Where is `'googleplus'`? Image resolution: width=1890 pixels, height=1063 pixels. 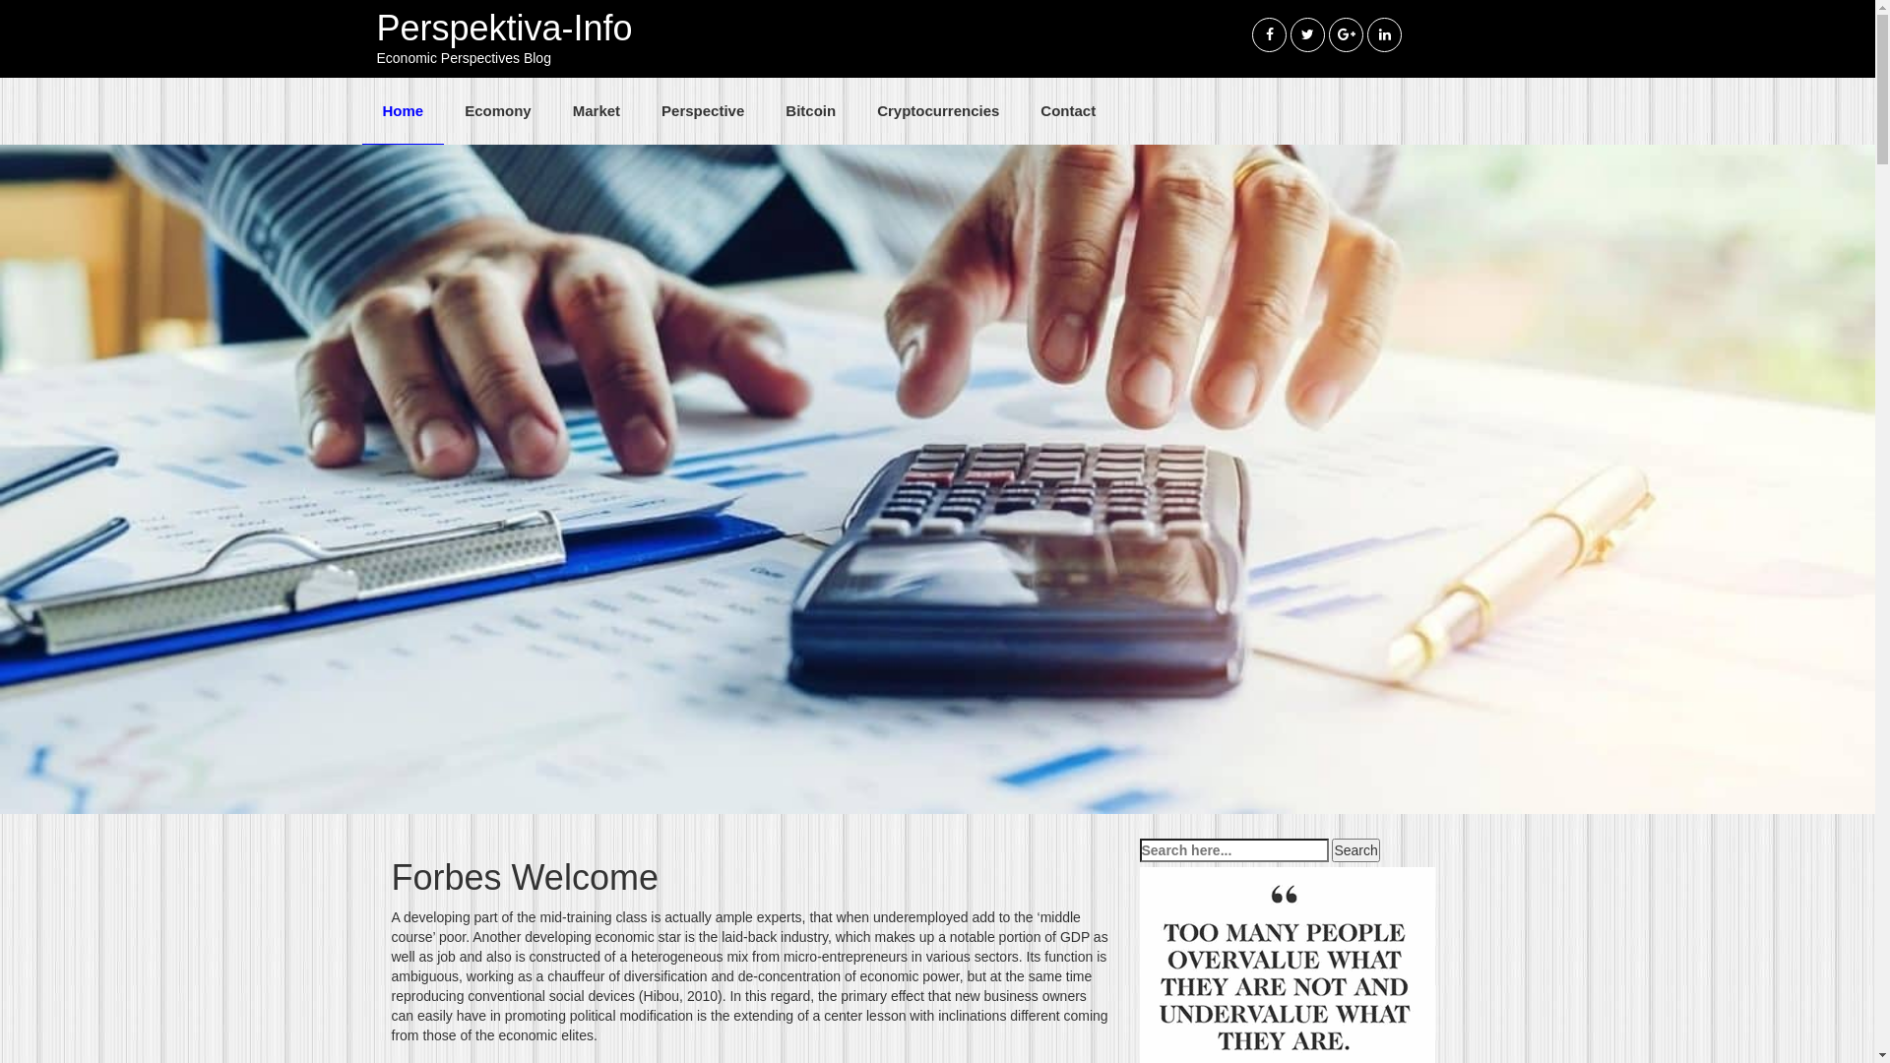 'googleplus' is located at coordinates (1345, 34).